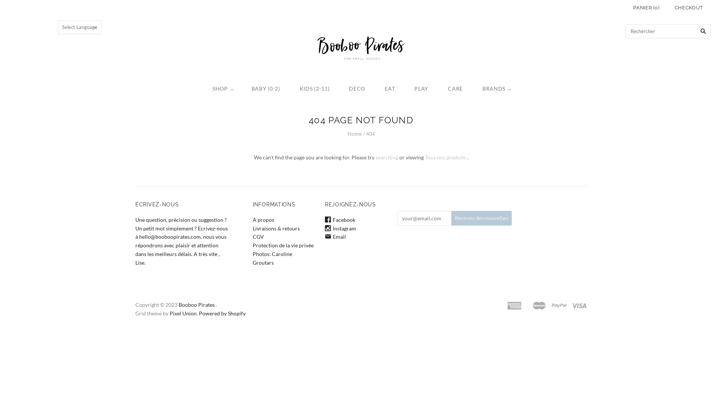 The image size is (722, 406). I want to click on 'Tous nos produits', so click(446, 157).